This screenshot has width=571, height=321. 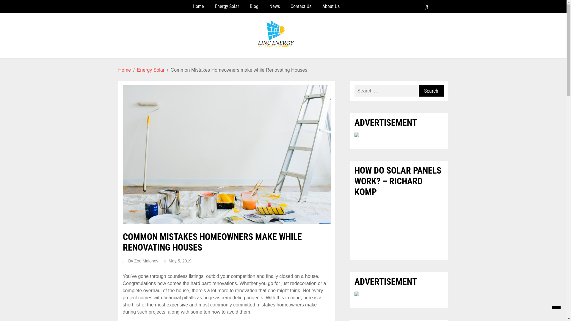 What do you see at coordinates (154, 61) in the screenshot?
I see `'Linc Energy'` at bounding box center [154, 61].